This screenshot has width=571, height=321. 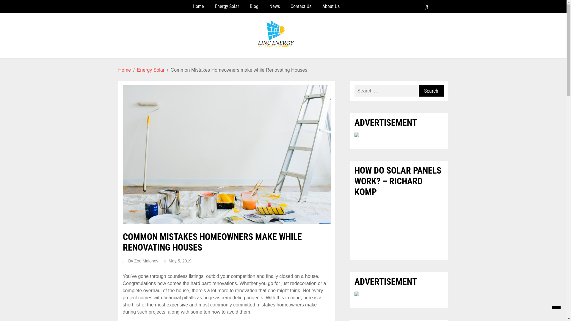 What do you see at coordinates (154, 61) in the screenshot?
I see `'Linc Energy'` at bounding box center [154, 61].